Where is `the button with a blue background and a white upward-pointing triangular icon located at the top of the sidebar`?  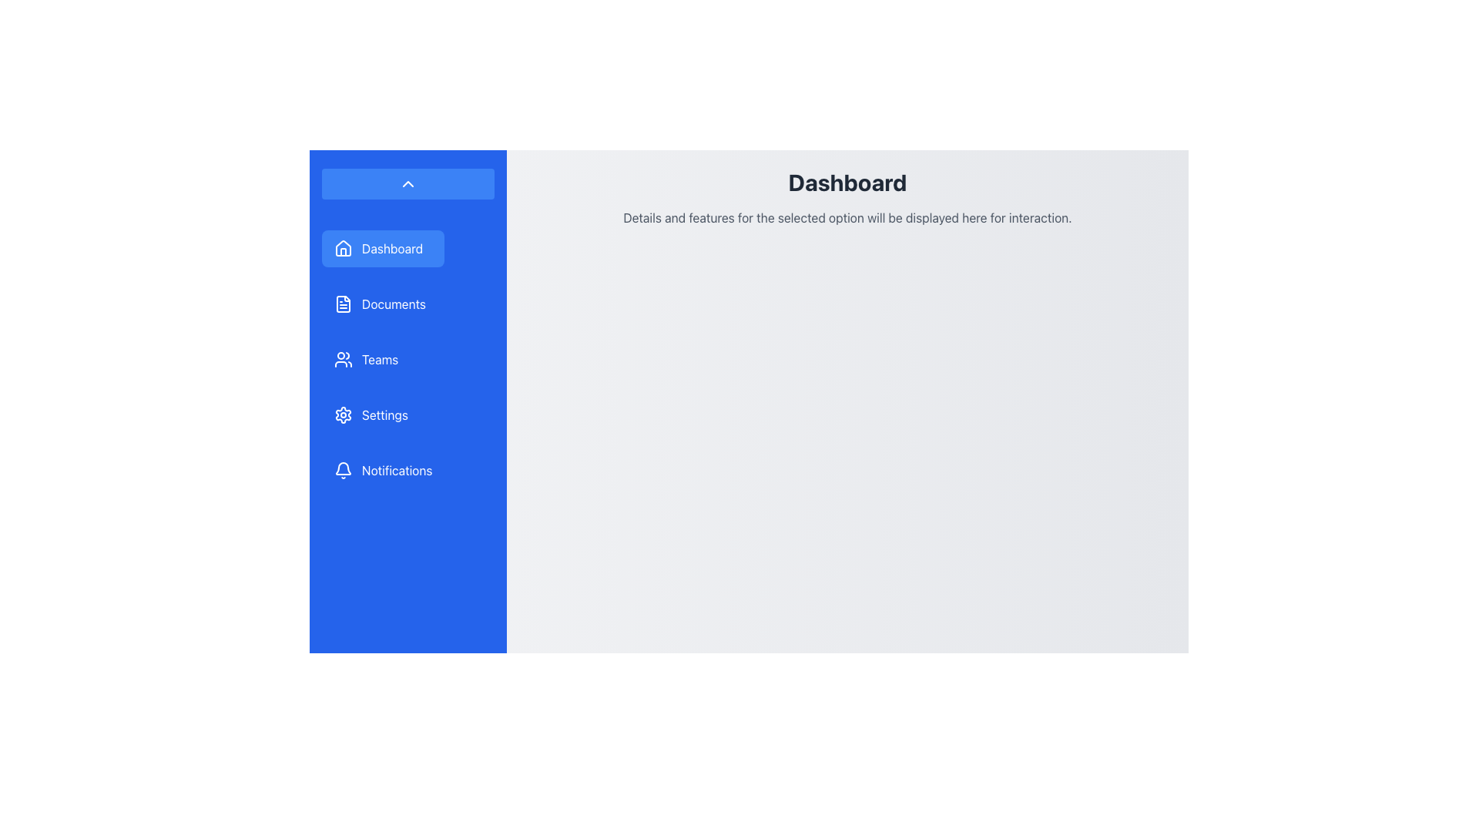
the button with a blue background and a white upward-pointing triangular icon located at the top of the sidebar is located at coordinates (407, 183).